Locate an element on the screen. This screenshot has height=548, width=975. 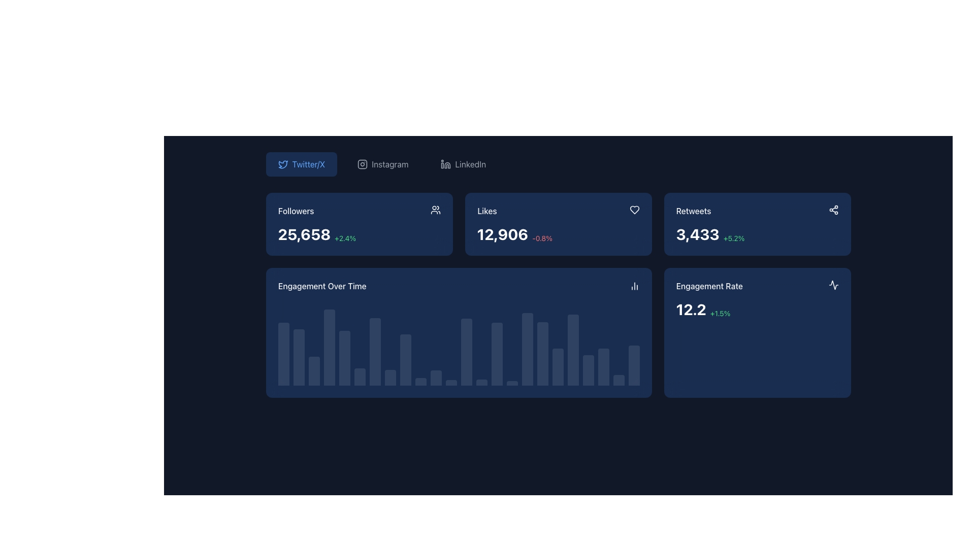
displayed information on the Information display card with statistics showing the number of retweets and percentage change, located in the top-right corner of the grid is located at coordinates (757, 224).